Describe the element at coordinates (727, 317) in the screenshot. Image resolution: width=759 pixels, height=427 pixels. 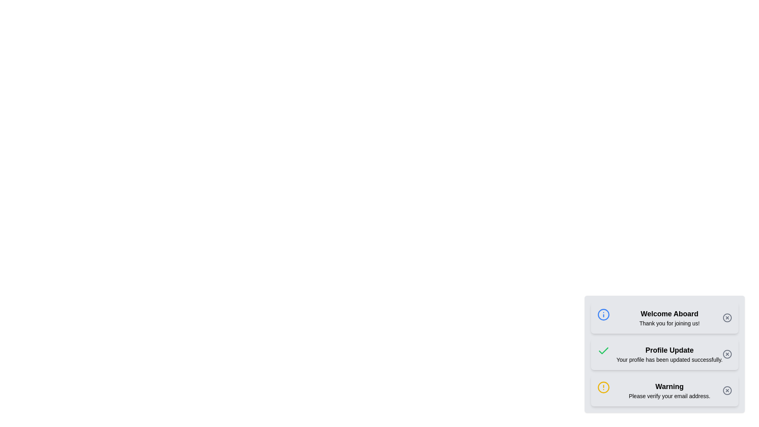
I see `the close button located in the top-right corner of the 'Welcome Aboard' notification` at that location.